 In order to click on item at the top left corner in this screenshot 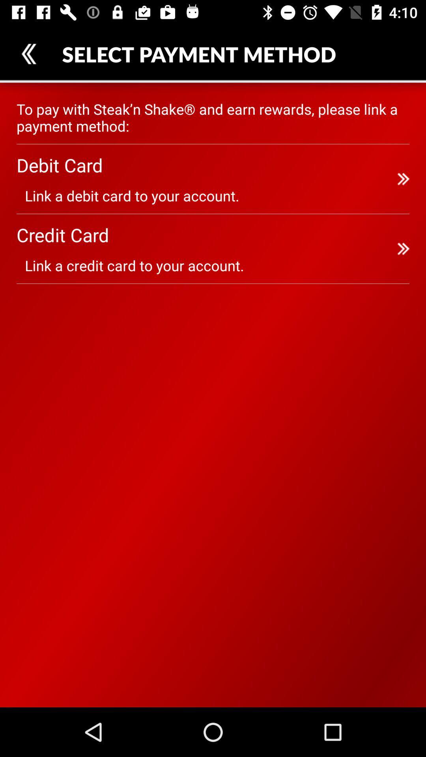, I will do `click(28, 53)`.